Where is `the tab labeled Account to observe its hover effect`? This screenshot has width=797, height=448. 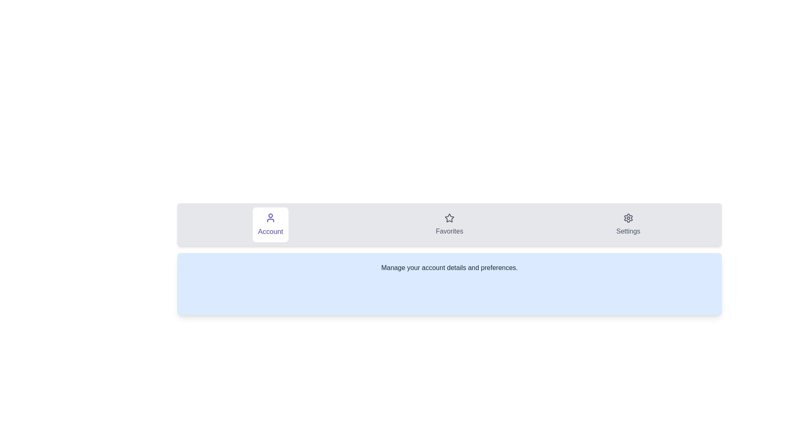 the tab labeled Account to observe its hover effect is located at coordinates (271, 225).